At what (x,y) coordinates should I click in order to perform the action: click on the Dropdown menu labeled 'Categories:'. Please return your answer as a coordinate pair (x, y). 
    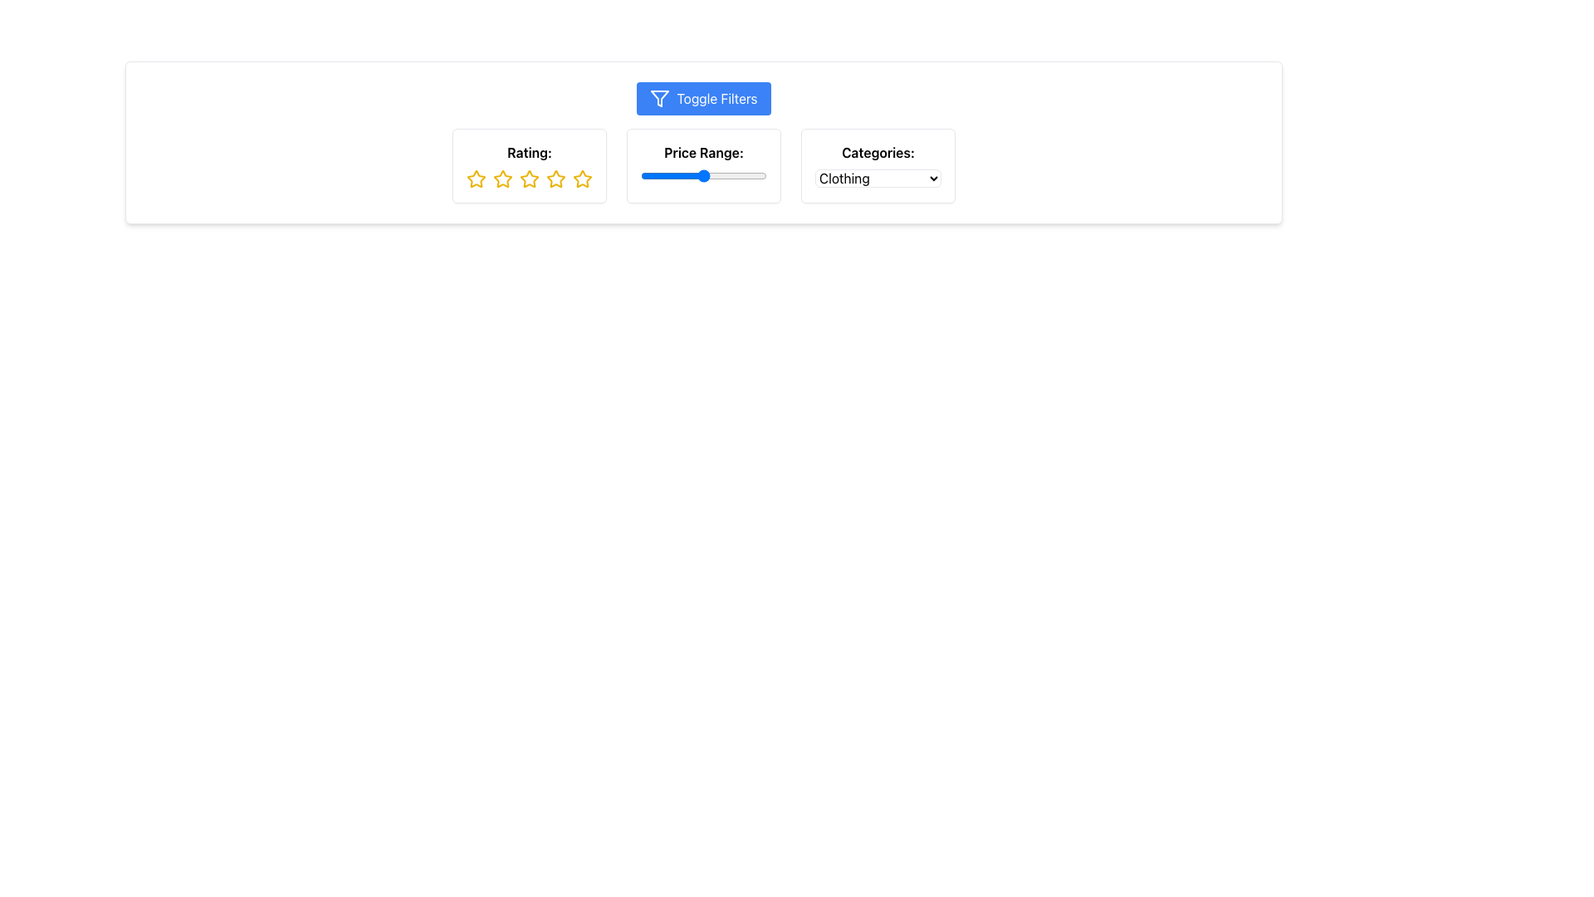
    Looking at the image, I should click on (877, 179).